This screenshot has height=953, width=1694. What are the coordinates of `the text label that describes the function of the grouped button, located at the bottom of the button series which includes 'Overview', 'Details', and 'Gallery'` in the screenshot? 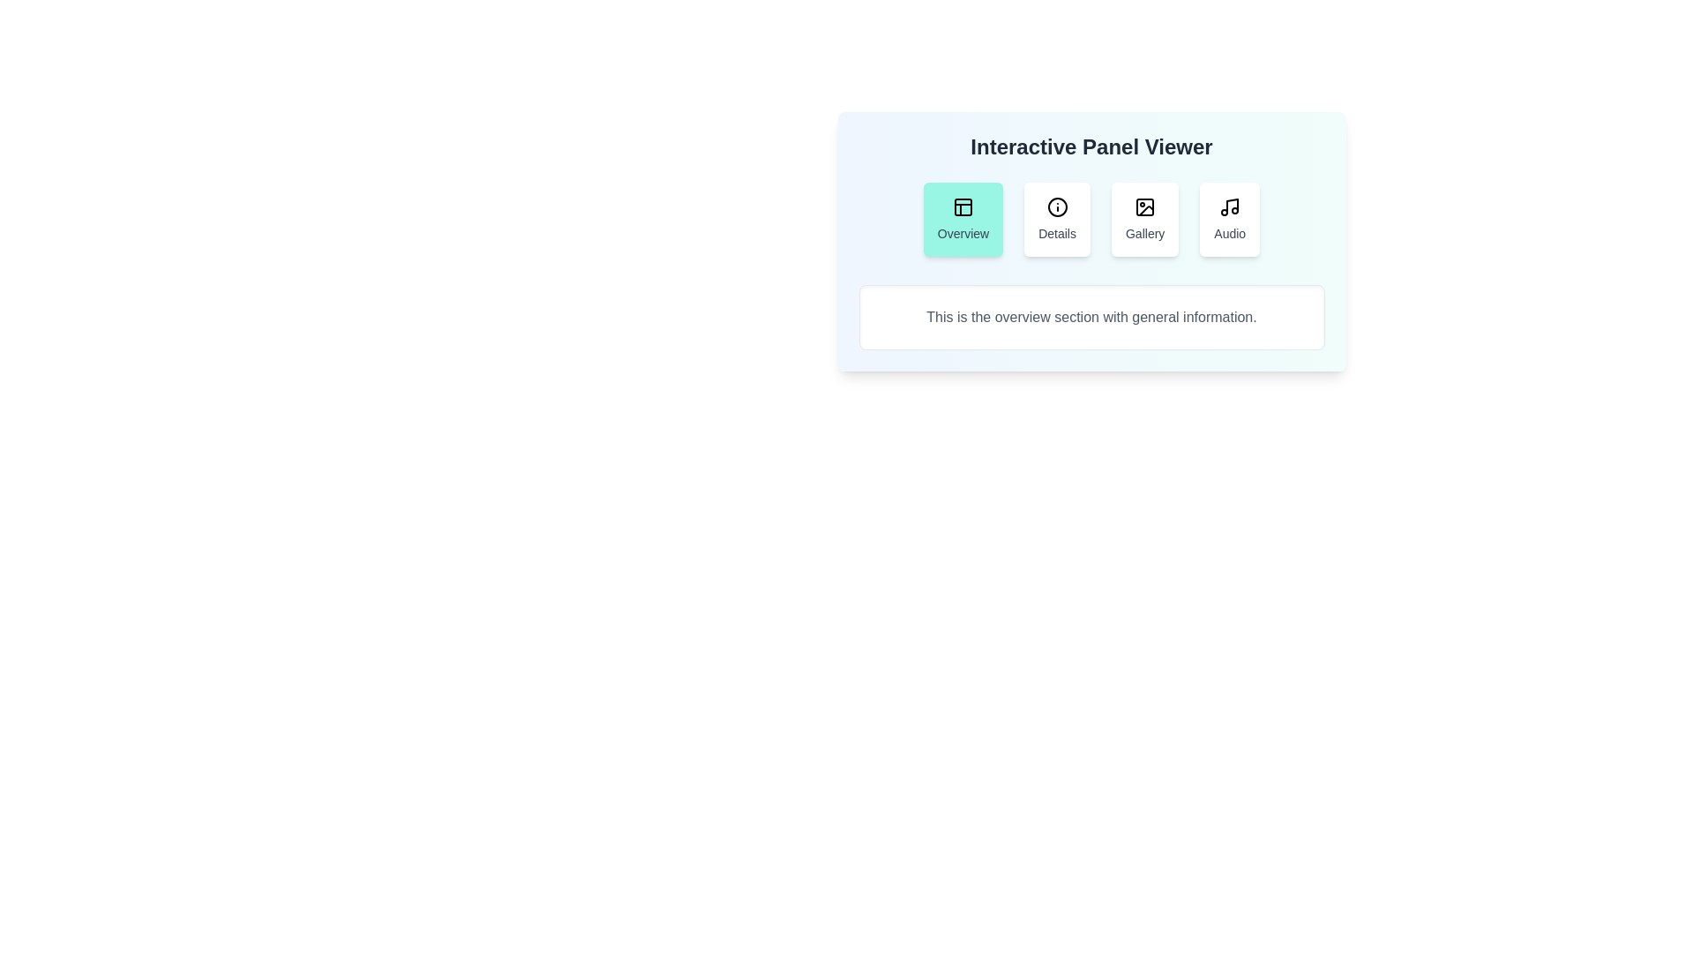 It's located at (1229, 233).